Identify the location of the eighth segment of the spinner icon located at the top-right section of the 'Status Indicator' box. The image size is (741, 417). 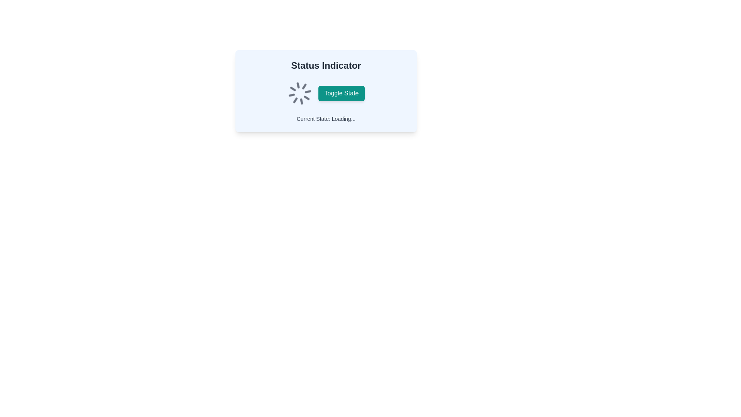
(306, 97).